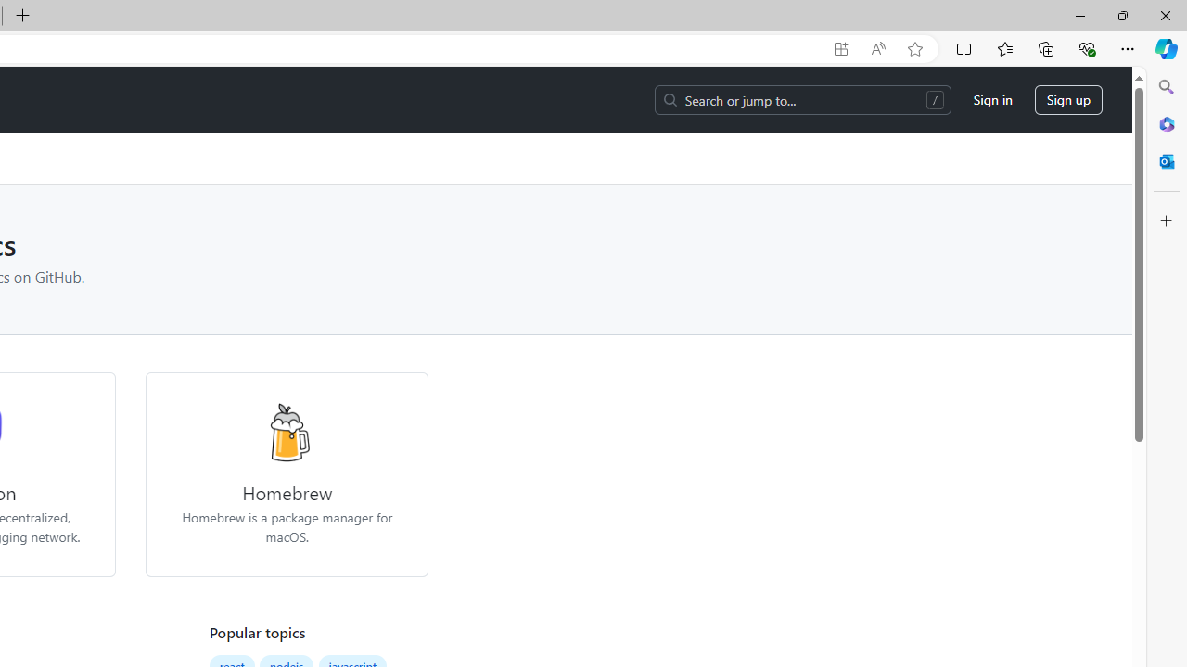 This screenshot has width=1187, height=667. I want to click on 'HomebrewHomebrew is a package manager for macOS.', so click(286, 473).